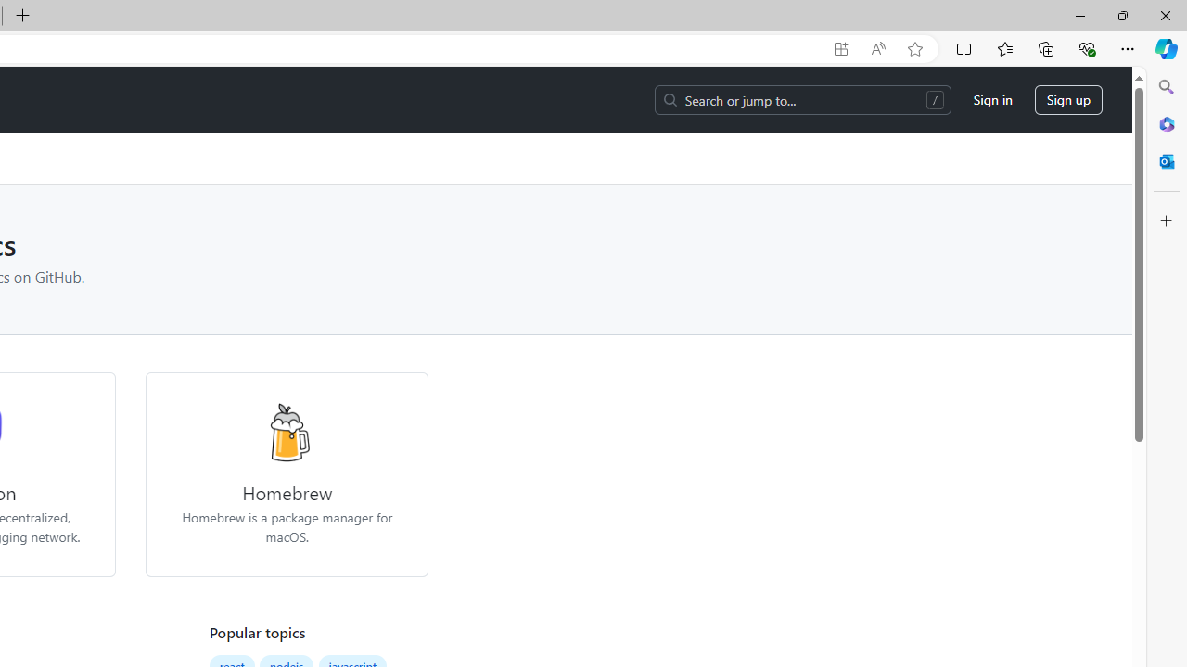 This screenshot has width=1187, height=667. I want to click on 'HomebrewHomebrew is a package manager for macOS.', so click(286, 473).